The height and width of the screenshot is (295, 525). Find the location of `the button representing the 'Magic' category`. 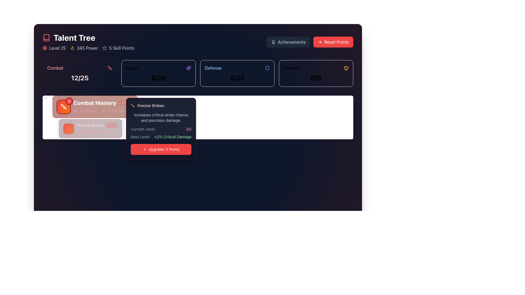

the button representing the 'Magic' category is located at coordinates (122, 72).